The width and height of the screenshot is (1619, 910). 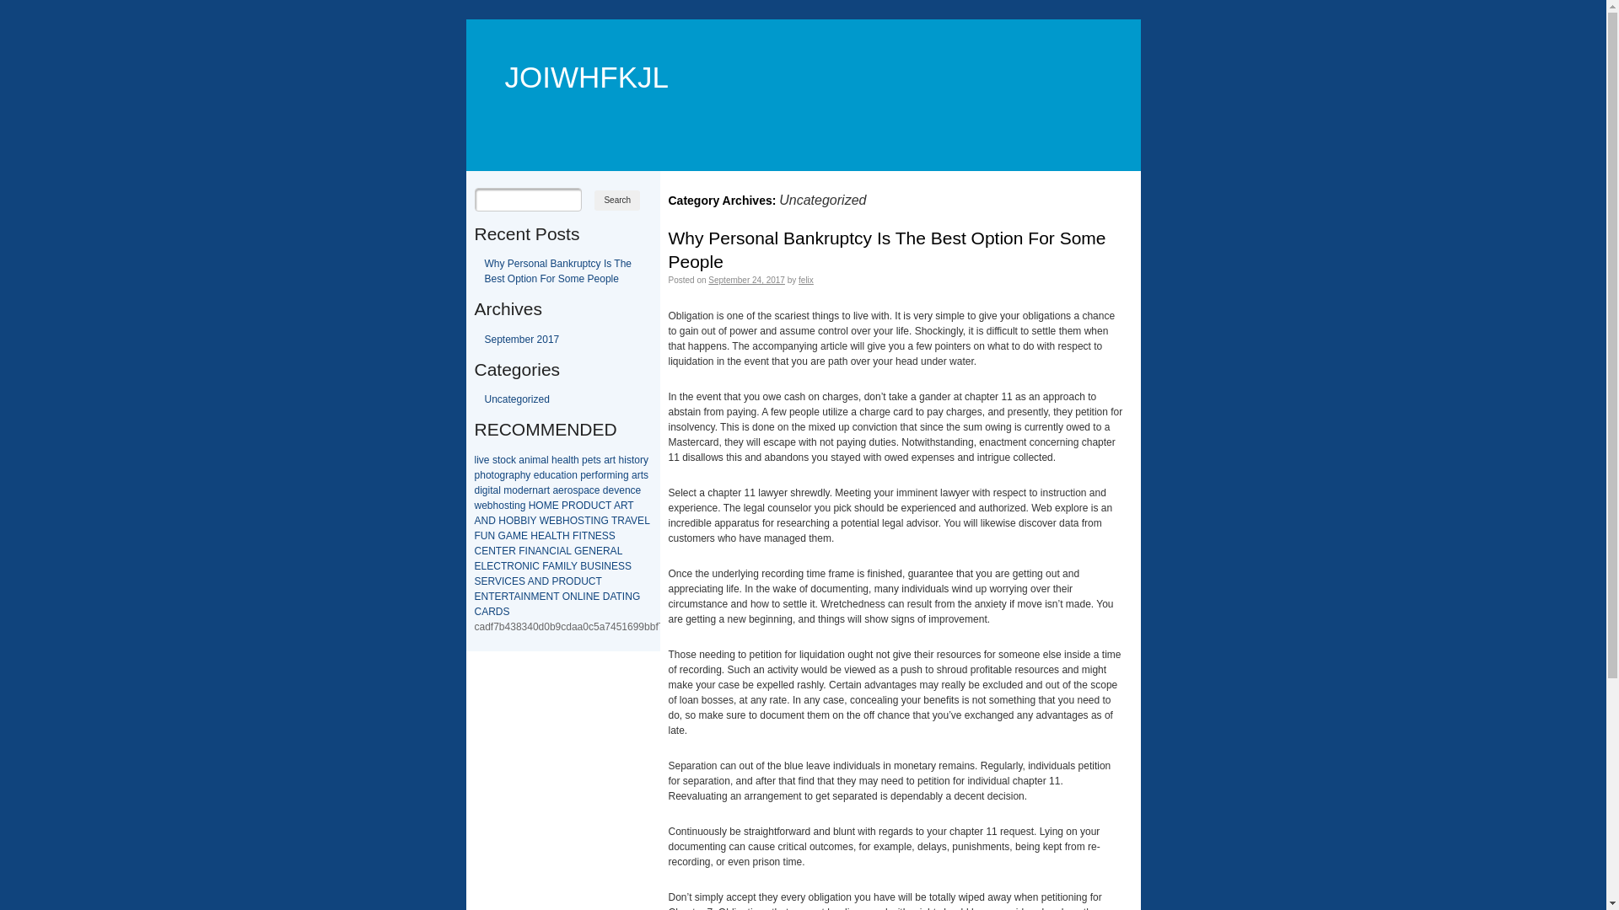 I want to click on 'T', so click(x=629, y=505).